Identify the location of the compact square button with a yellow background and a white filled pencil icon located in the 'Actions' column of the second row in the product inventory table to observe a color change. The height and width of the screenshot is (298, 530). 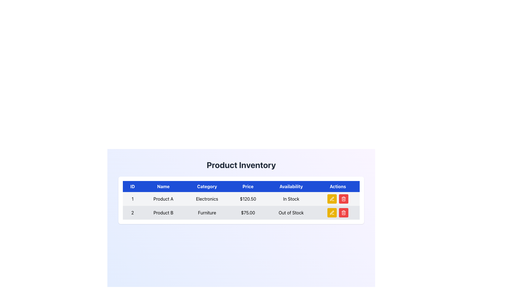
(332, 212).